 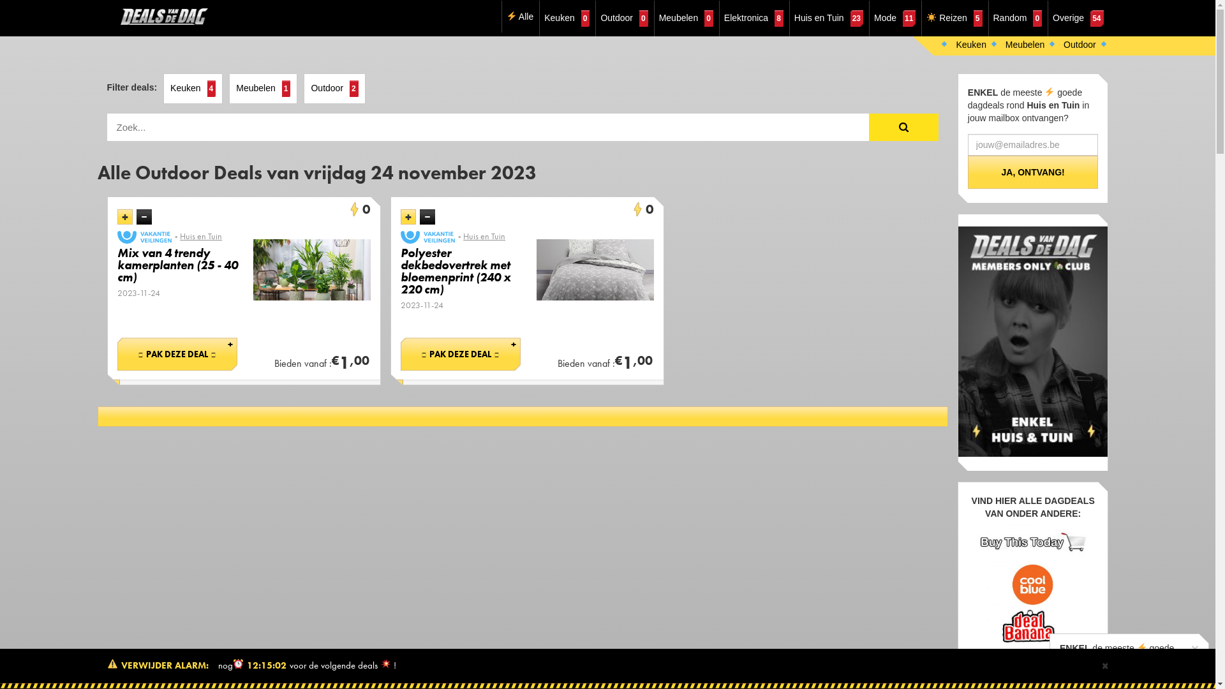 I want to click on 'Reizen5', so click(x=954, y=19).